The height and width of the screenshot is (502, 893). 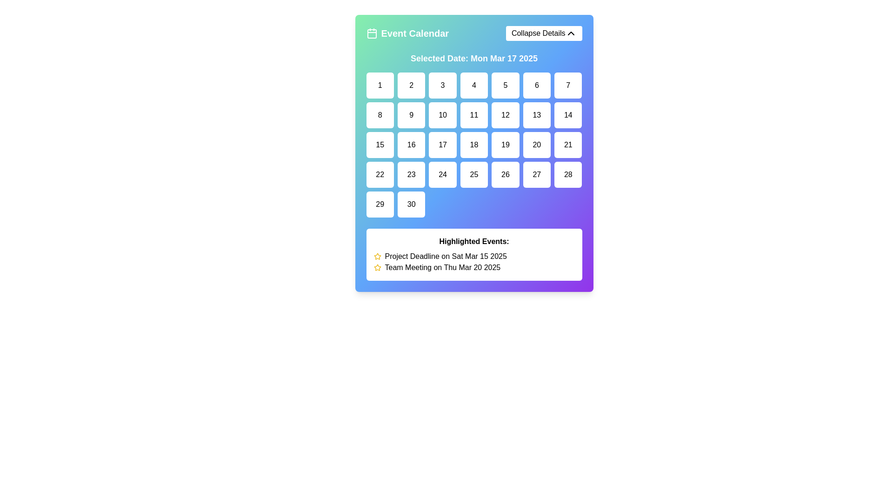 I want to click on the label representing the second day of the month in the calendar, which is situated between the buttons labeled '1' and '3', so click(x=411, y=86).